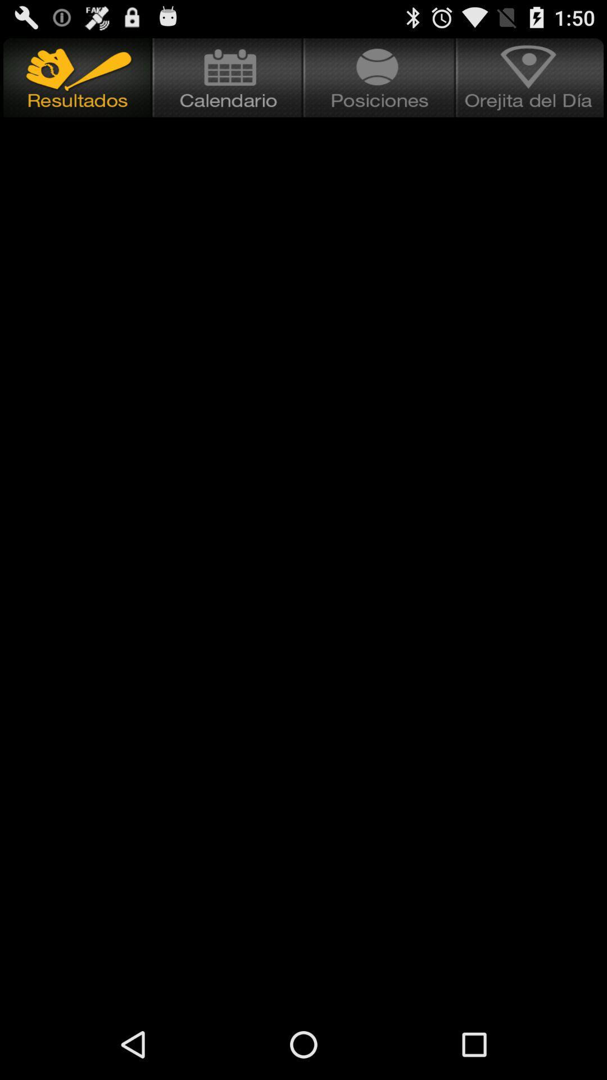 The width and height of the screenshot is (607, 1080). Describe the element at coordinates (303, 971) in the screenshot. I see `item at the bottom` at that location.